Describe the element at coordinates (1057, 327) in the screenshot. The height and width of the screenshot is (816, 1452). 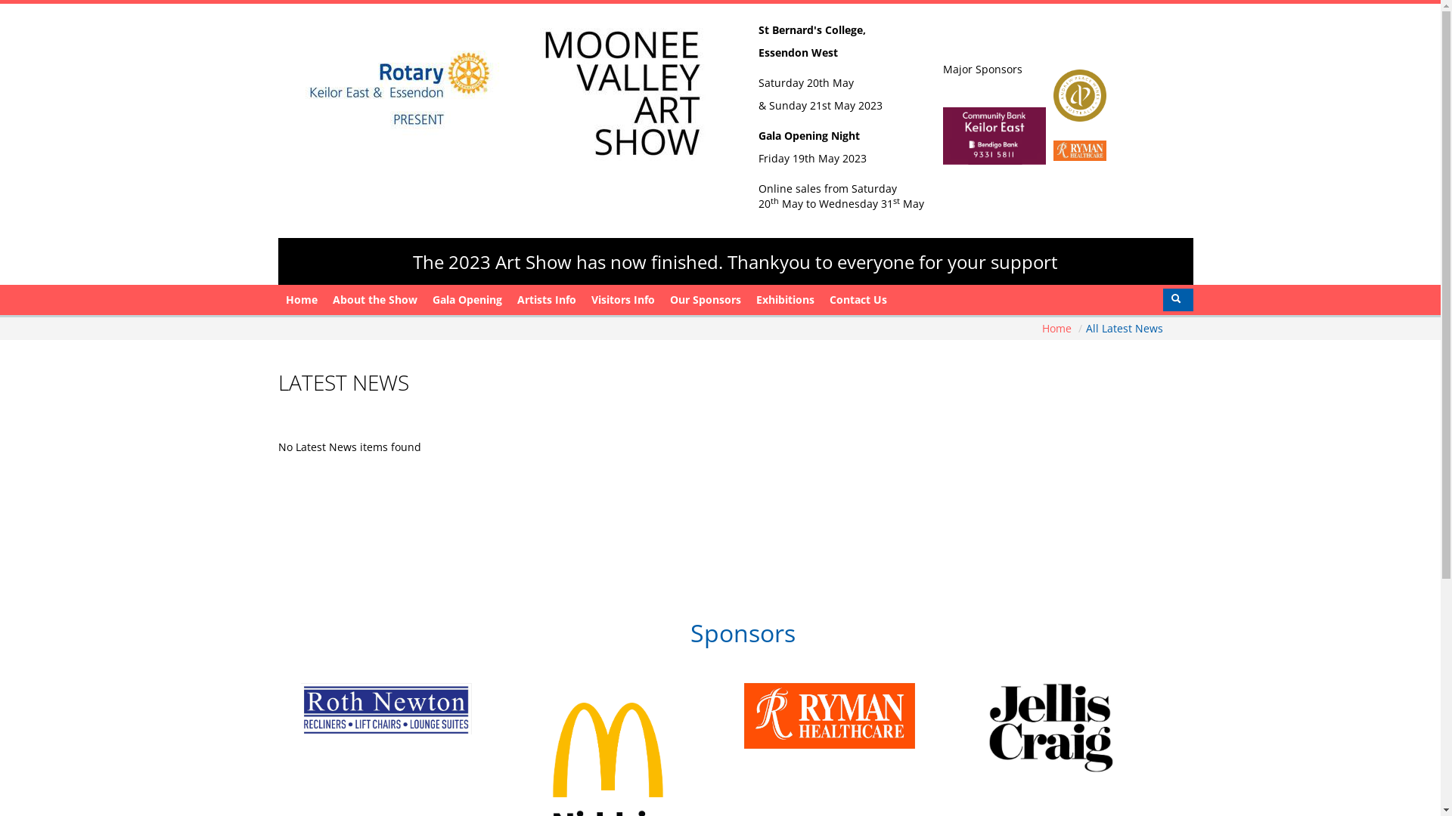
I see `'Home'` at that location.